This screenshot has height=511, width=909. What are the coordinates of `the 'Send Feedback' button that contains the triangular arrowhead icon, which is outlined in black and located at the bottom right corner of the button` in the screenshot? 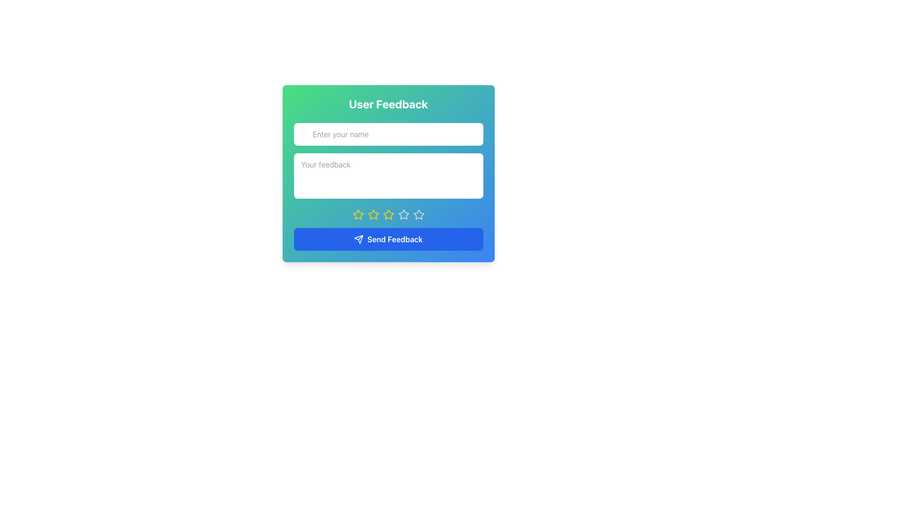 It's located at (358, 238).